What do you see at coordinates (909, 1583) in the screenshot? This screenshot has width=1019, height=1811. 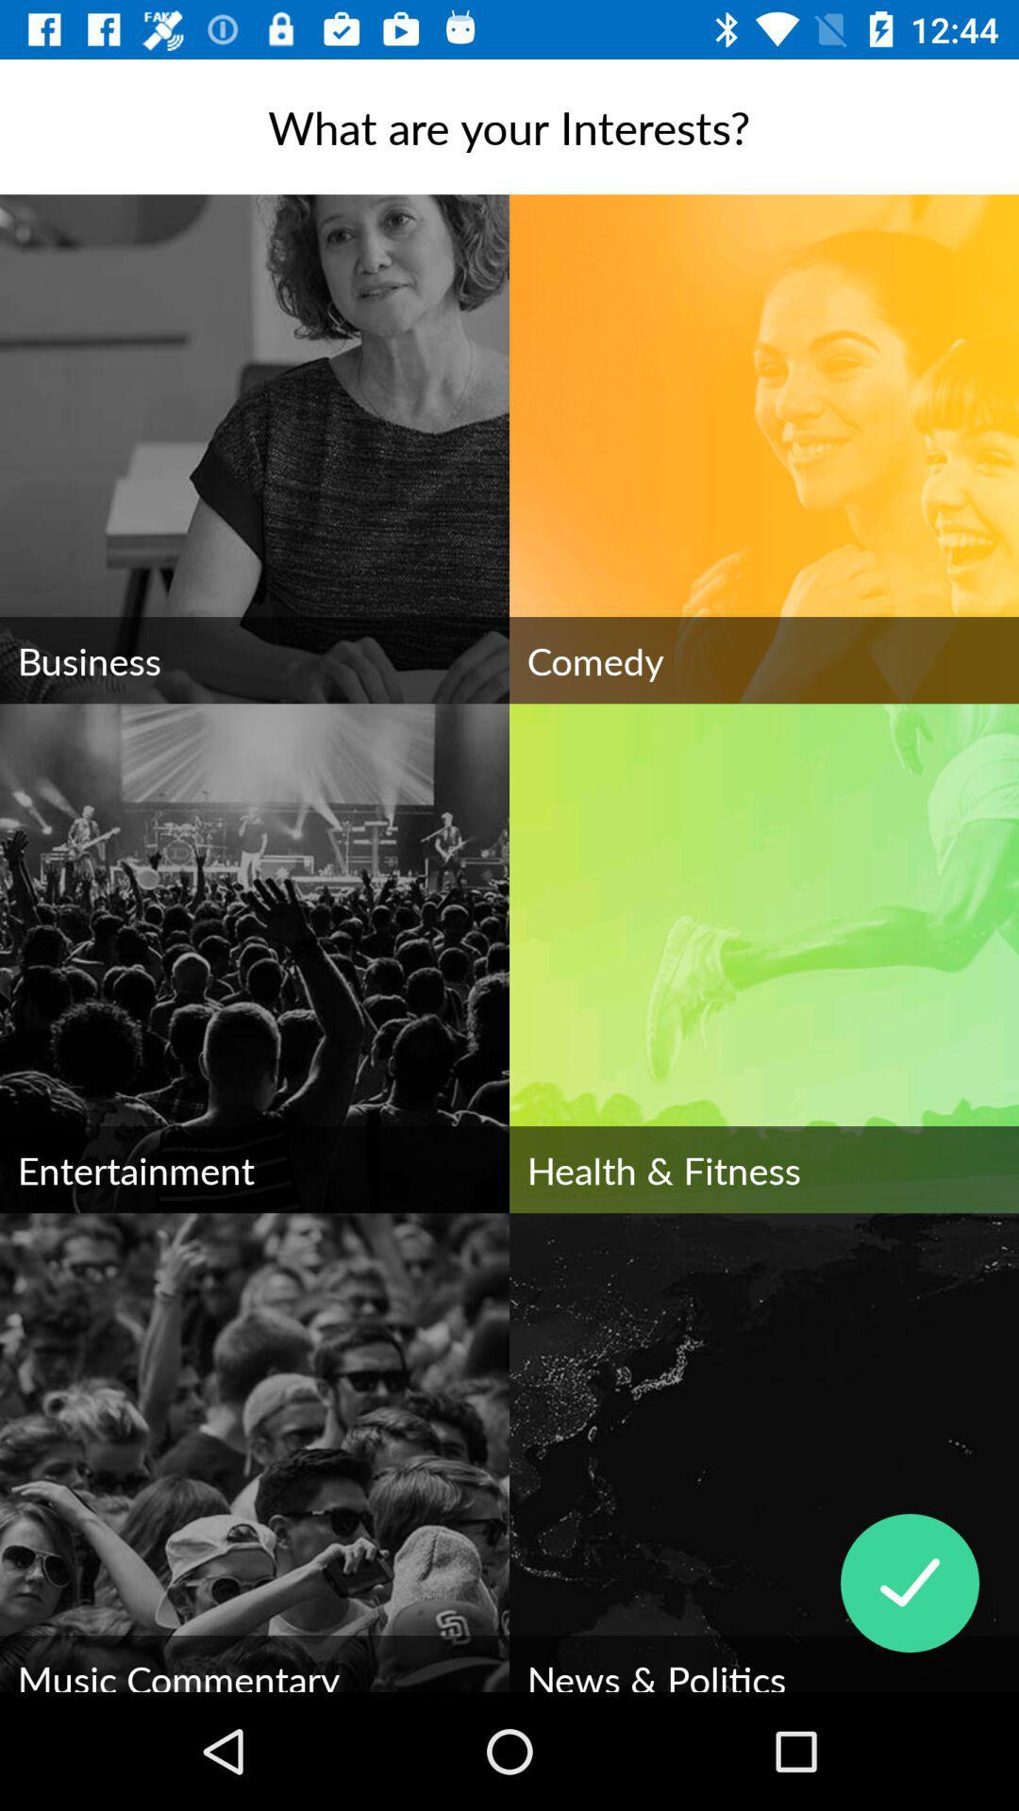 I see `item above news & politics` at bounding box center [909, 1583].